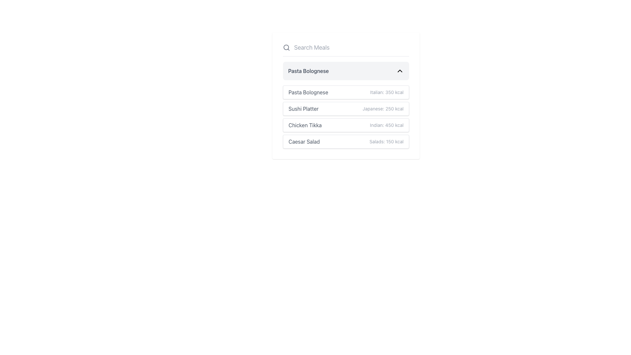  What do you see at coordinates (308, 92) in the screenshot?
I see `the text label displaying 'Pasta Bolognese' which is aligned to the left within a white rectangular card, part of a vertically aligned list of meal options` at bounding box center [308, 92].